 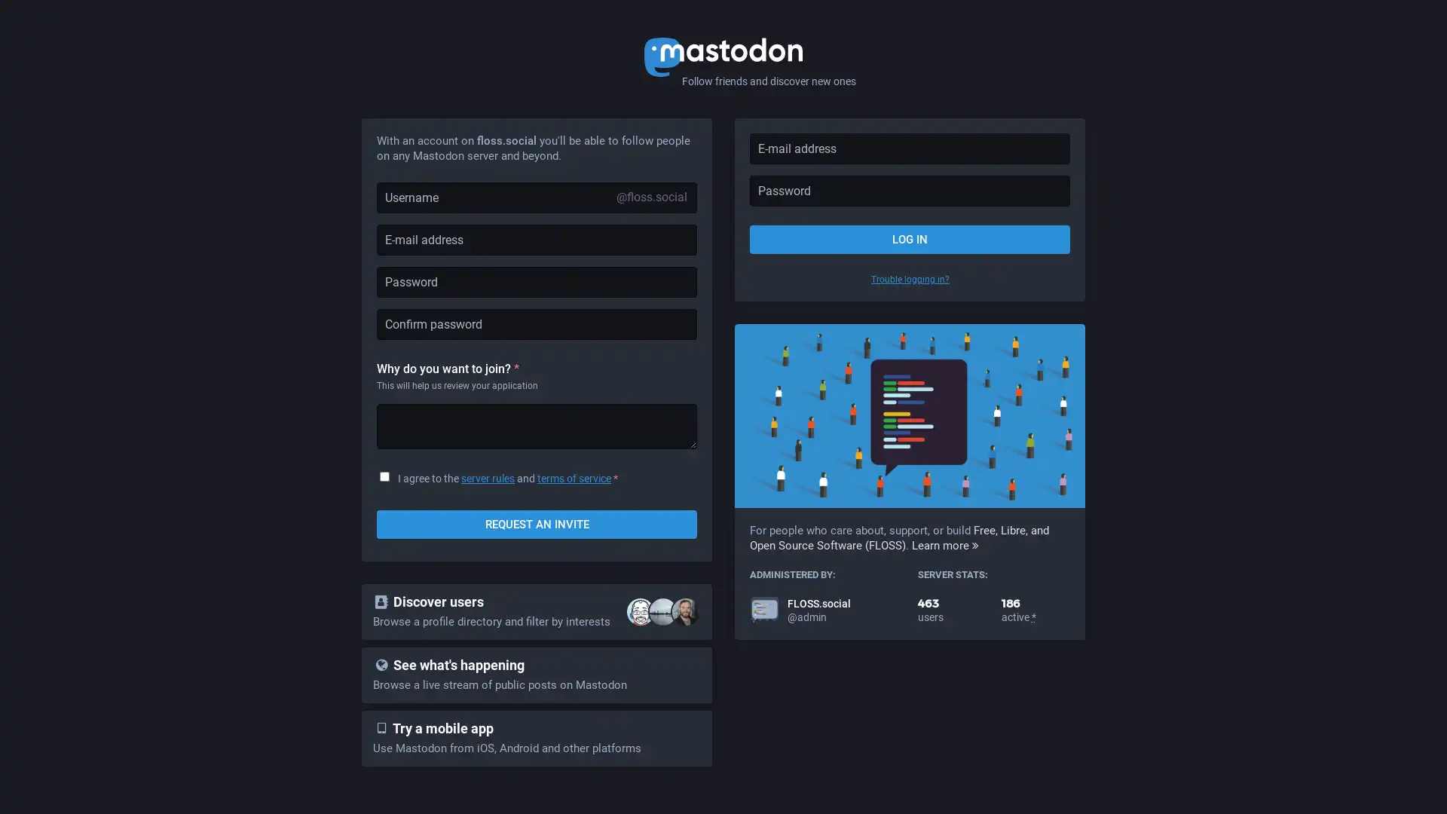 What do you see at coordinates (909, 238) in the screenshot?
I see `LOG IN` at bounding box center [909, 238].